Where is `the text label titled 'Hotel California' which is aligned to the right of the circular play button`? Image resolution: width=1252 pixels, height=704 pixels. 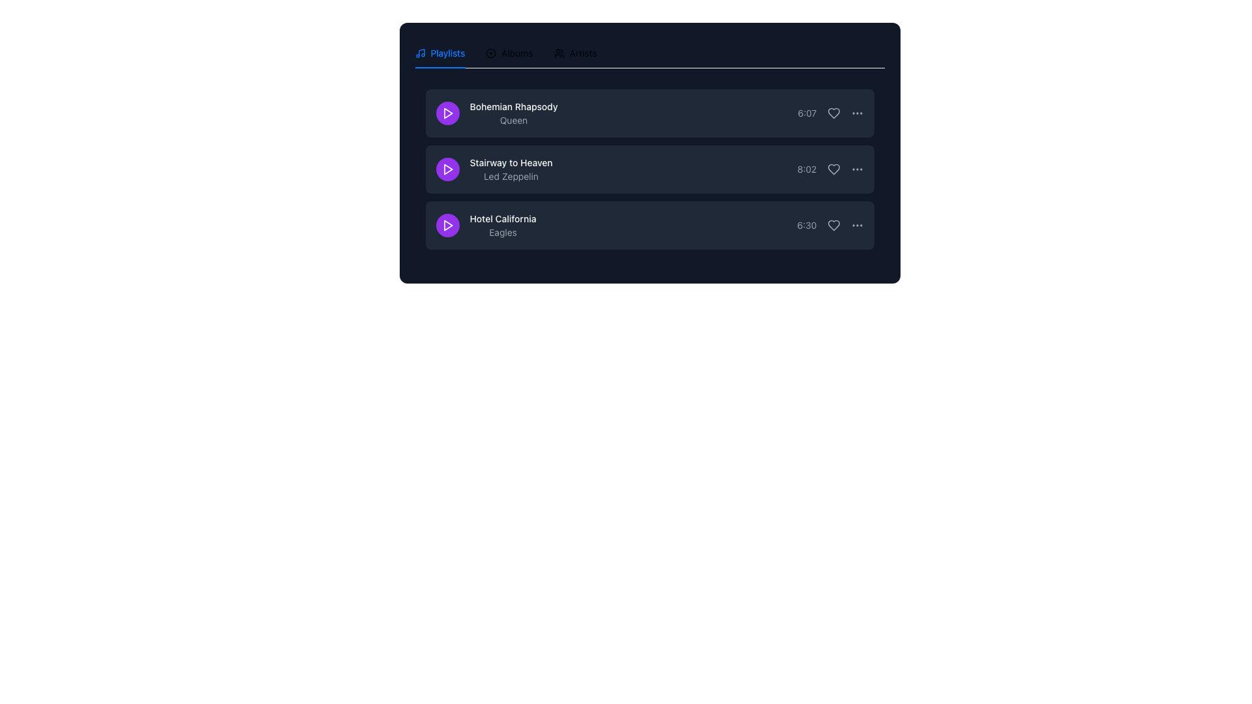 the text label titled 'Hotel California' which is aligned to the right of the circular play button is located at coordinates (485, 225).